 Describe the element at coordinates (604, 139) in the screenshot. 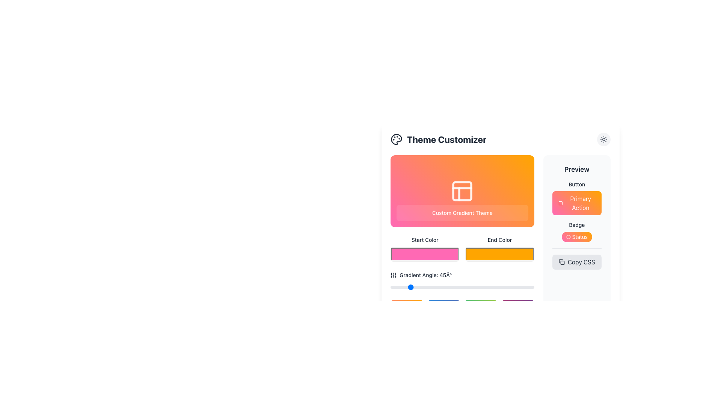

I see `the theme-related icon located within a rounded button in the top-right corner of the interface` at that location.